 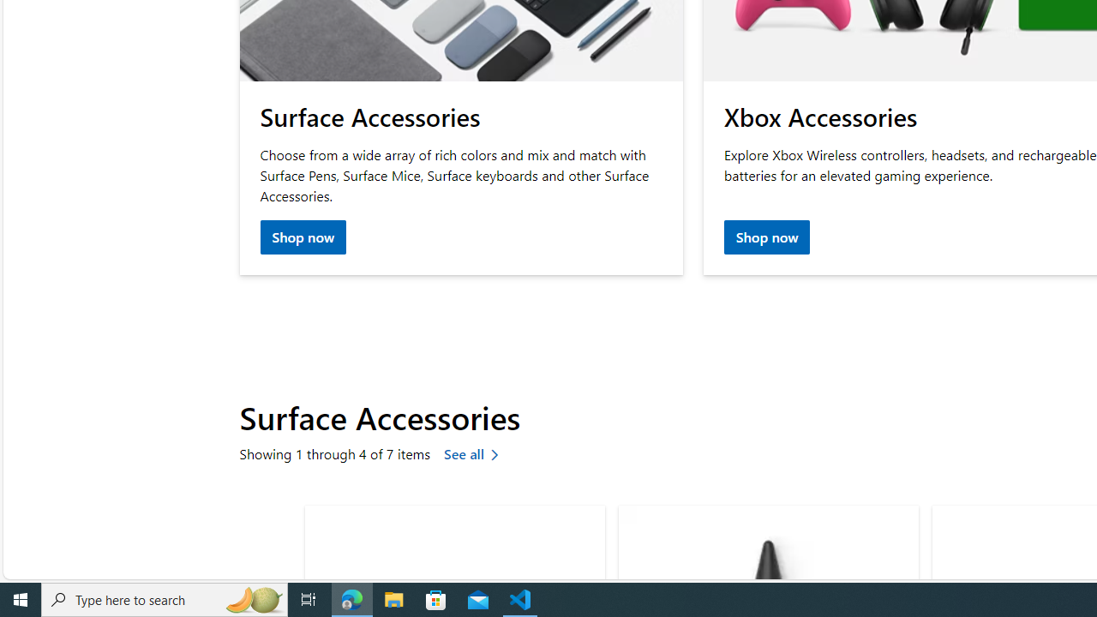 I want to click on 'Shop now Surface accessories', so click(x=303, y=238).